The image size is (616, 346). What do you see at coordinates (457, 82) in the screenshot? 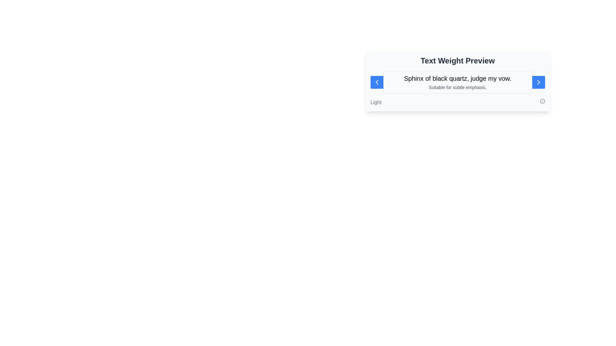
I see `the Informational text block, which is centrally located under the 'Text Weight Preview' header and surrounded by blue arrow buttons for navigation` at bounding box center [457, 82].